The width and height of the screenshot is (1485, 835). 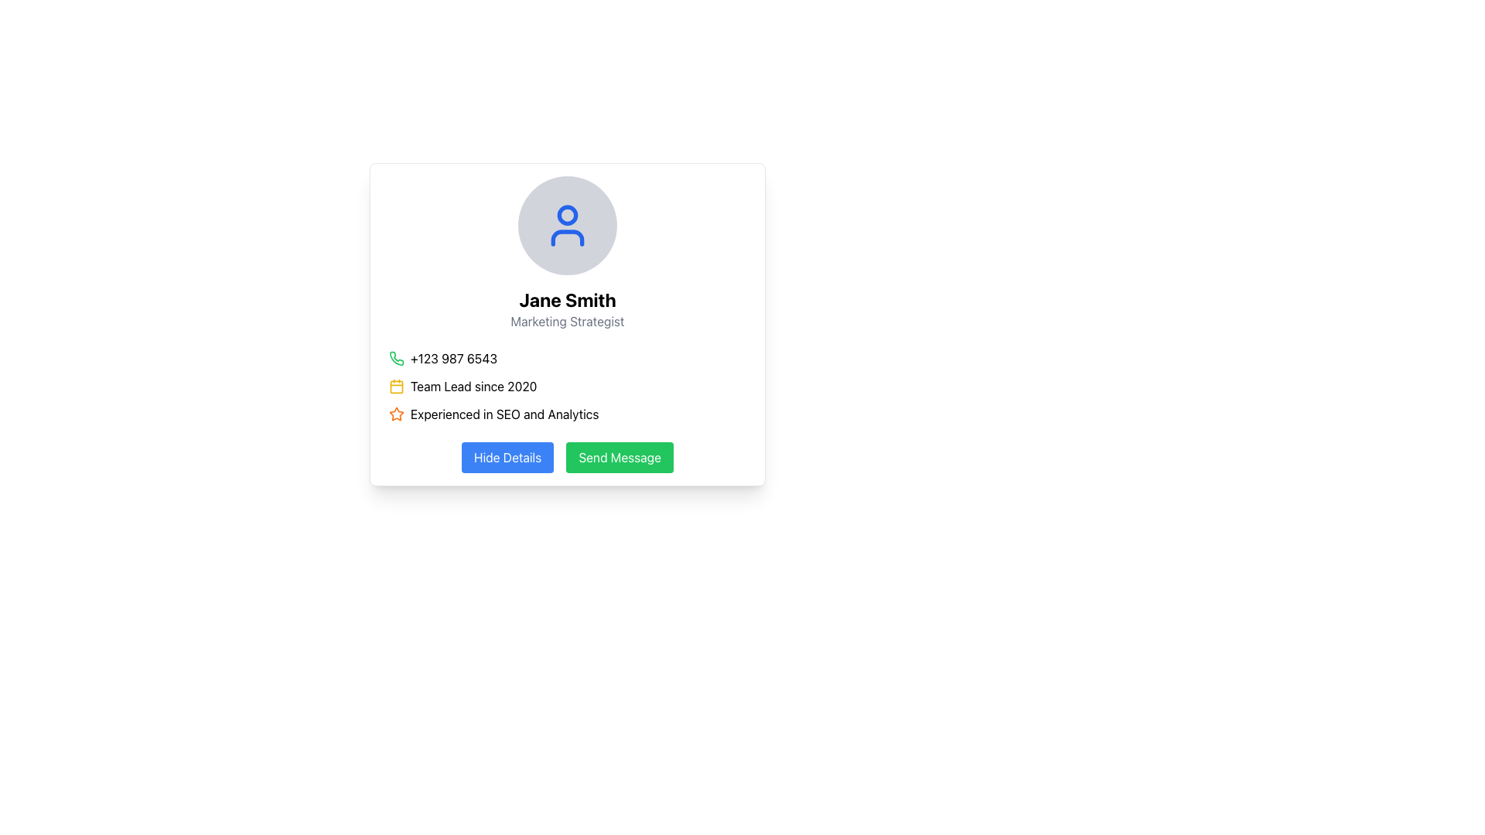 What do you see at coordinates (452, 358) in the screenshot?
I see `the text label displaying the phone number '+123 987 6543' which is located adjacent to a green phone icon in the user profile card` at bounding box center [452, 358].